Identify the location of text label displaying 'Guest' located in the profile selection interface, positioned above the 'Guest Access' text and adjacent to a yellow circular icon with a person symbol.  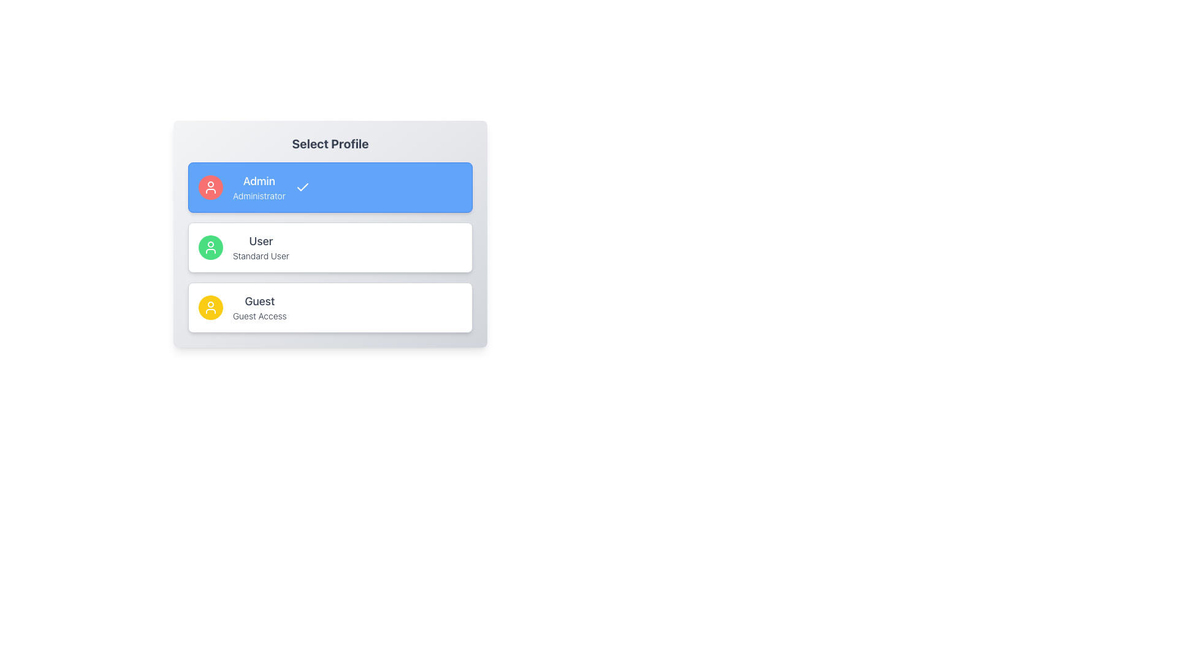
(259, 302).